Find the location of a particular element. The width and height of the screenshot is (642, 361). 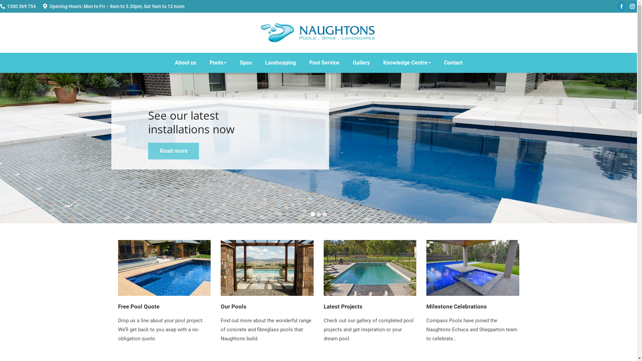

'1300 369 754' is located at coordinates (21, 6).